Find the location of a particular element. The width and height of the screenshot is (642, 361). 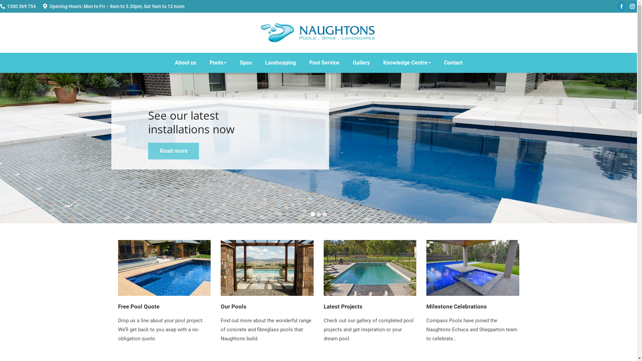

'1300 369 754' is located at coordinates (21, 6).